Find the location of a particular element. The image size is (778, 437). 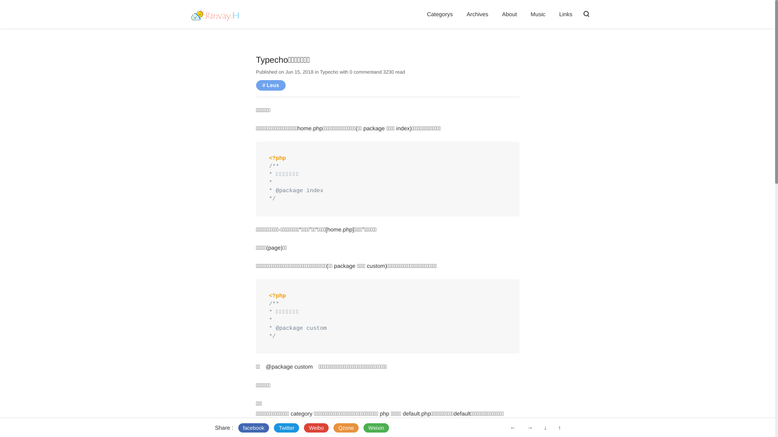

'facebook' is located at coordinates (238, 427).